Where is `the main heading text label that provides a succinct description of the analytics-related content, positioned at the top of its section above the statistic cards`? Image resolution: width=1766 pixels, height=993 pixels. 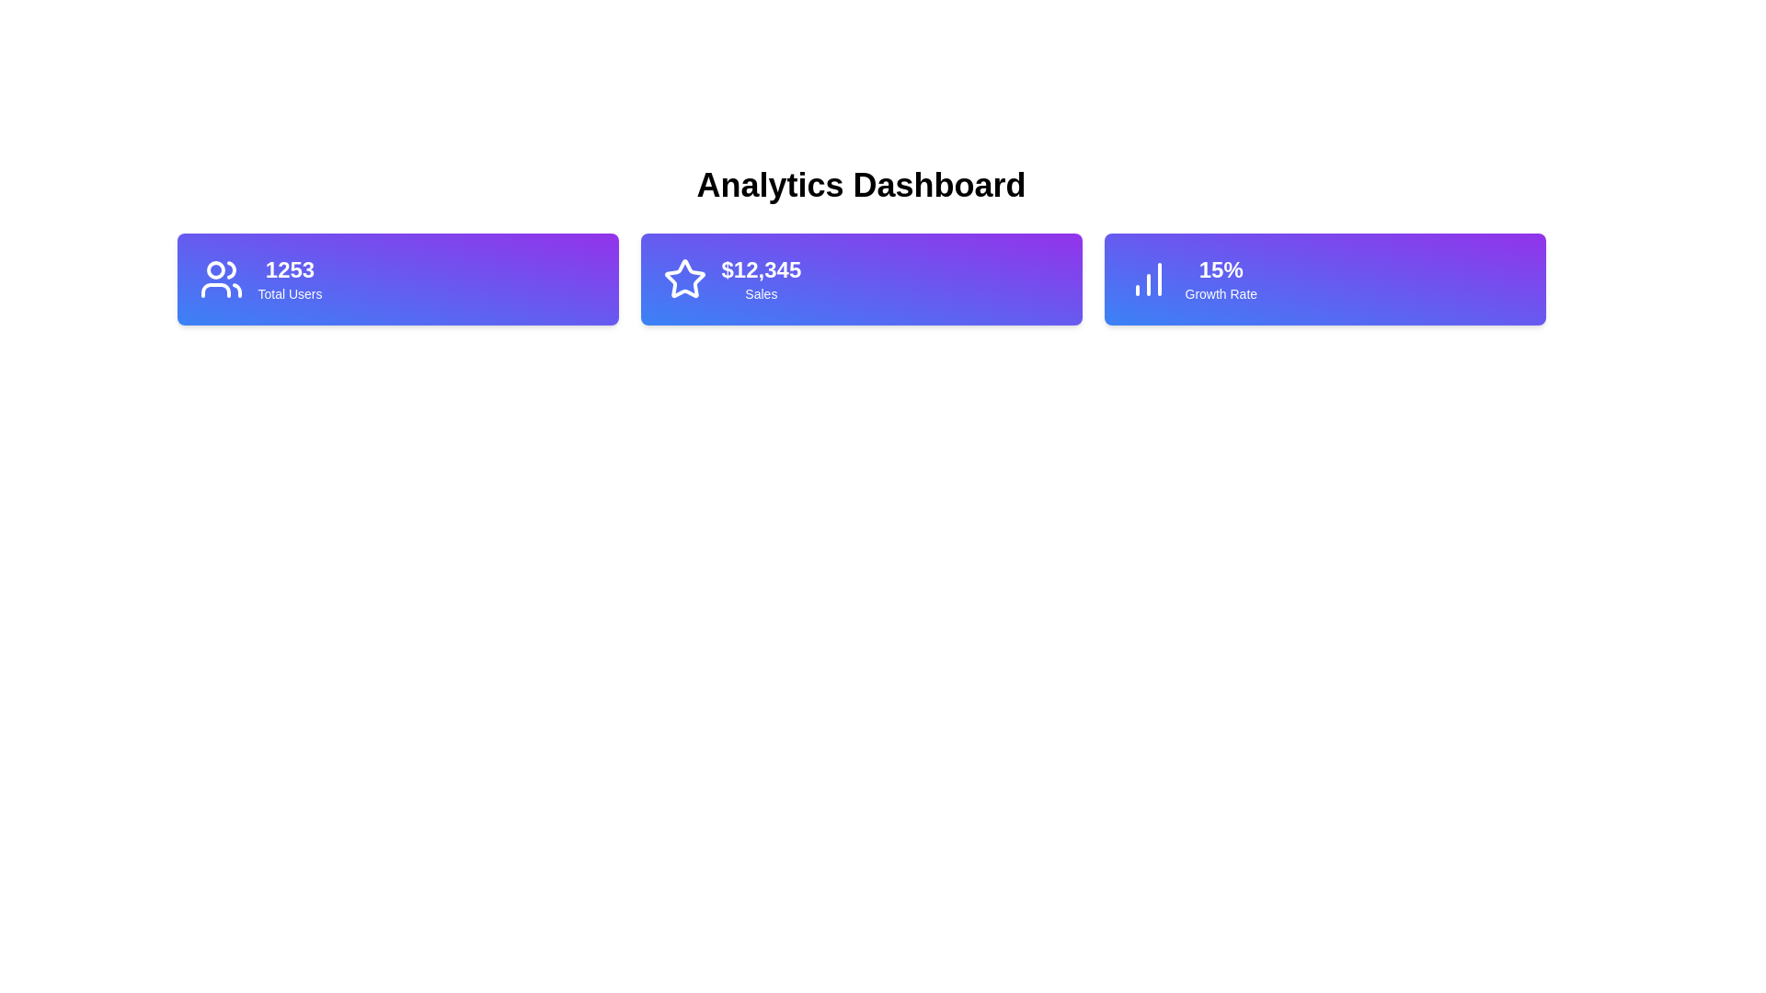 the main heading text label that provides a succinct description of the analytics-related content, positioned at the top of its section above the statistic cards is located at coordinates (860, 185).